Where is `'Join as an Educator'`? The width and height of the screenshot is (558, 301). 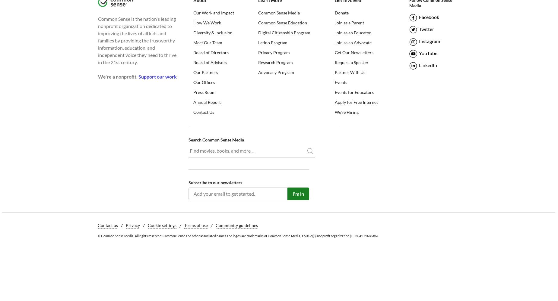
'Join as an Educator' is located at coordinates (334, 32).